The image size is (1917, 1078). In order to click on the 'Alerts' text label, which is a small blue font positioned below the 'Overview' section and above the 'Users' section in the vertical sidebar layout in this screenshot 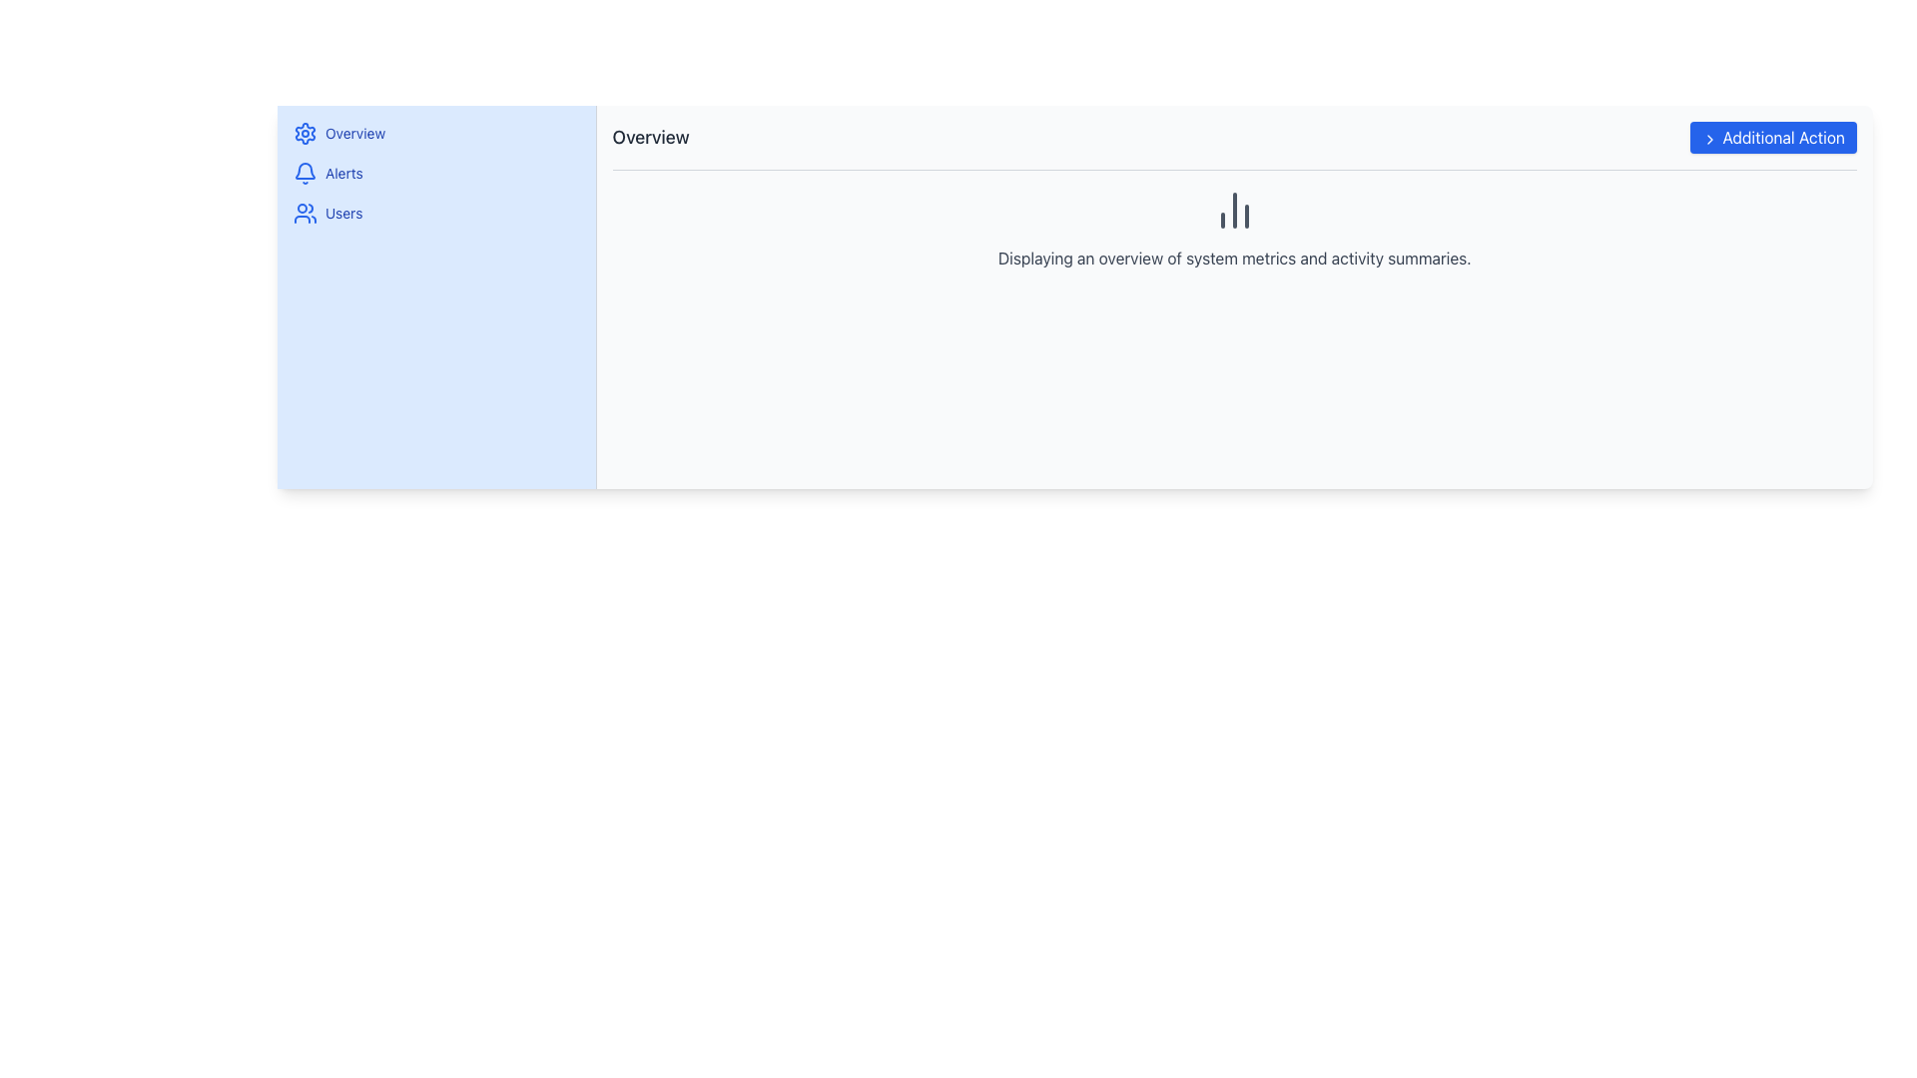, I will do `click(343, 172)`.